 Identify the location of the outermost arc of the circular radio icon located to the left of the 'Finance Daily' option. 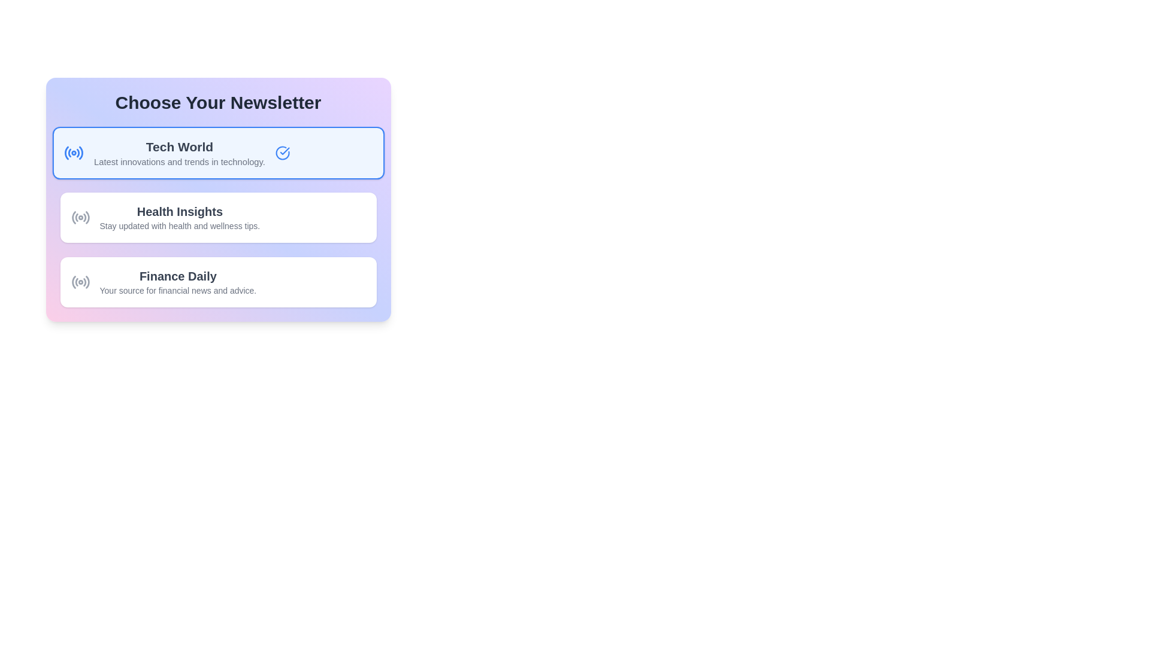
(73, 282).